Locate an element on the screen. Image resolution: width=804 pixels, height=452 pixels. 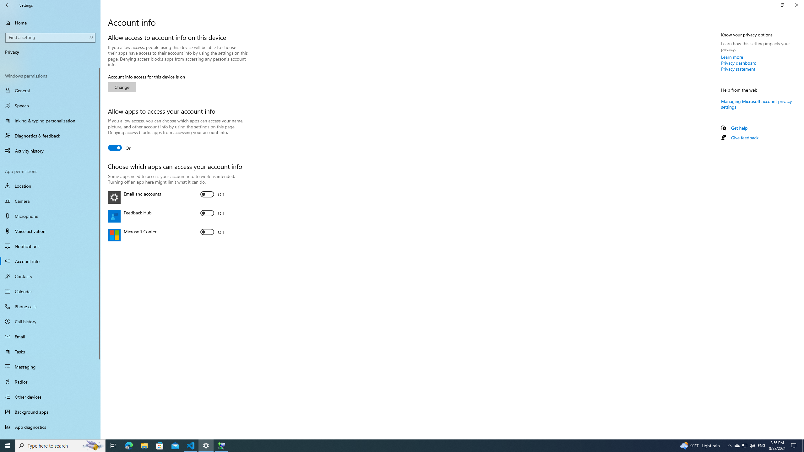
'Diagnostics & feedback' is located at coordinates (50, 136).